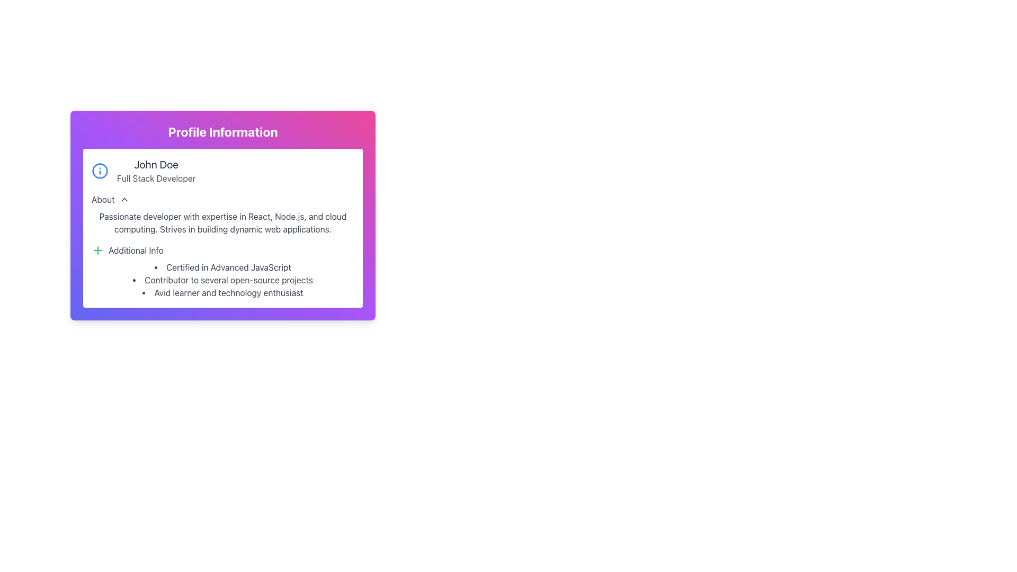  Describe the element at coordinates (156, 165) in the screenshot. I see `the static text element that reads 'John Doe', which is styled with a larger font size and dark gray color, located in the card under the 'Profile Information' header` at that location.